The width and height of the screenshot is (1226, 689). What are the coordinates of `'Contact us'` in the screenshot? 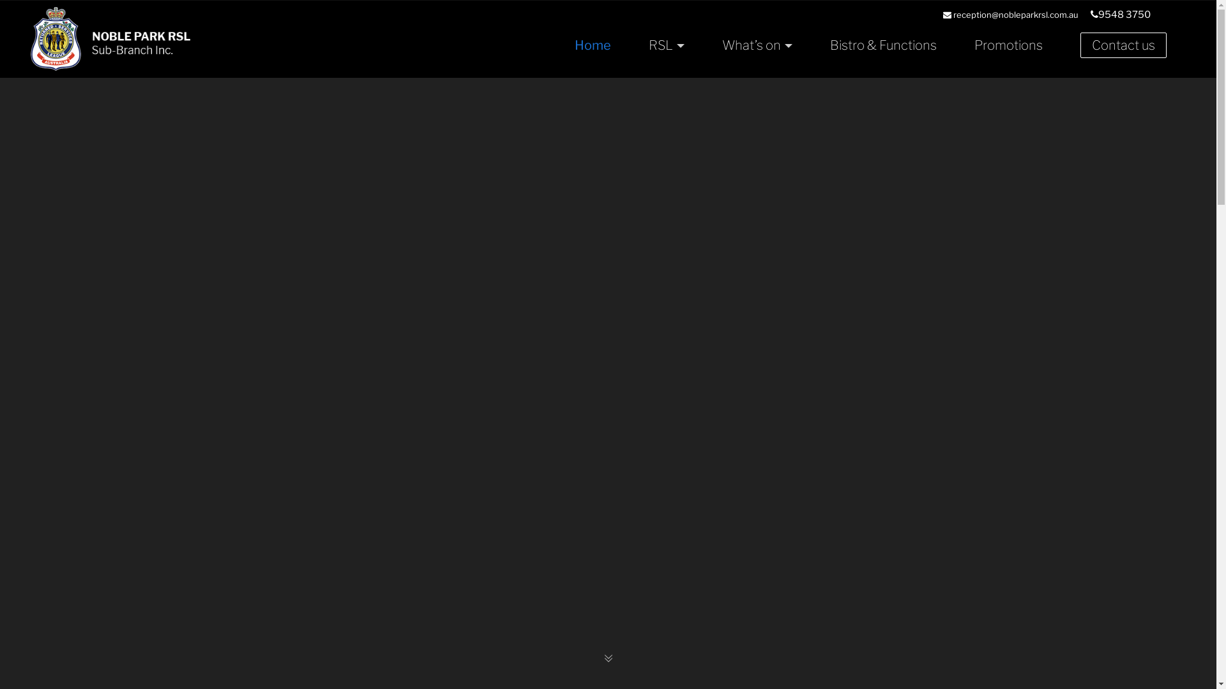 It's located at (1079, 44).